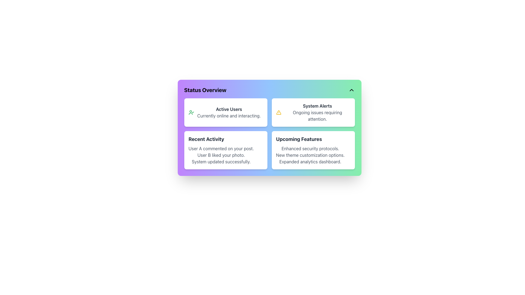 This screenshot has width=525, height=295. What do you see at coordinates (299, 139) in the screenshot?
I see `text label displaying 'Upcoming Features' located at the top of the card in the bottom-right corner of the four-card grid` at bounding box center [299, 139].